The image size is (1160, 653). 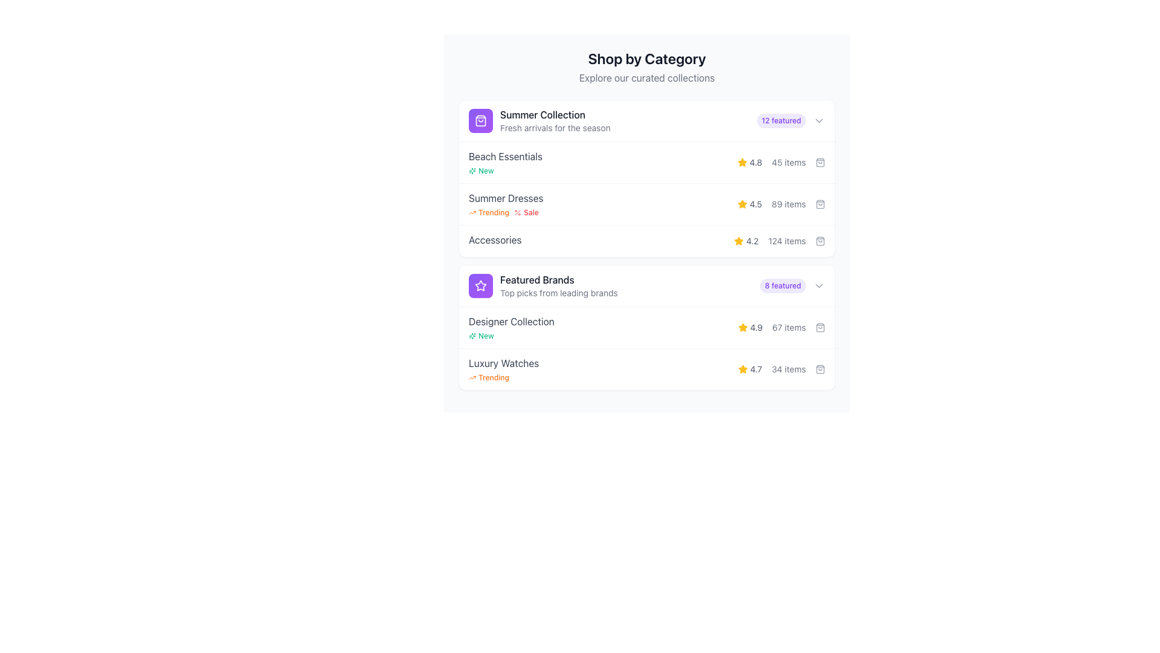 I want to click on the composite display element representing the 'Summer Dresses' product category, which includes the tags 'Trending' and 'Sale', so click(x=506, y=204).